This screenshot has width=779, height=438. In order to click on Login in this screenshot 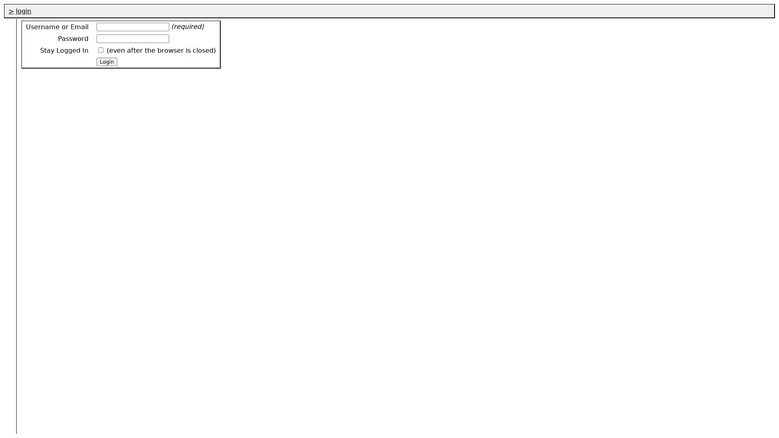, I will do `click(106, 61)`.